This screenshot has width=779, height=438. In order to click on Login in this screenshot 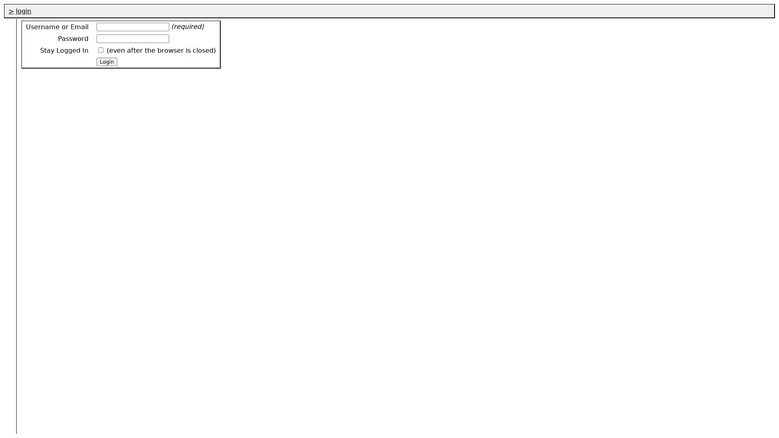, I will do `click(106, 61)`.